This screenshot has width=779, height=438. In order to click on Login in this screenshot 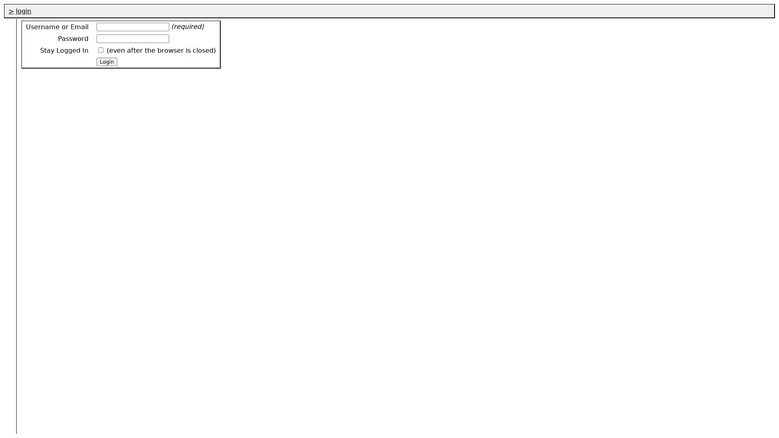, I will do `click(106, 61)`.